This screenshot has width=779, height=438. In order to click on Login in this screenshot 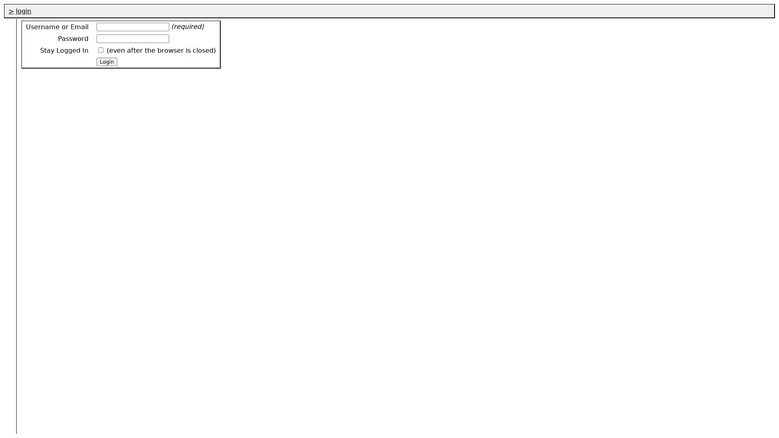, I will do `click(106, 61)`.